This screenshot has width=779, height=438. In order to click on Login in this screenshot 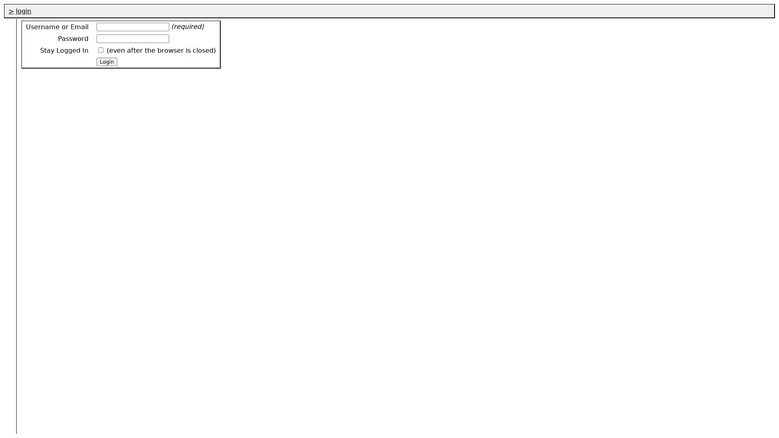, I will do `click(106, 61)`.